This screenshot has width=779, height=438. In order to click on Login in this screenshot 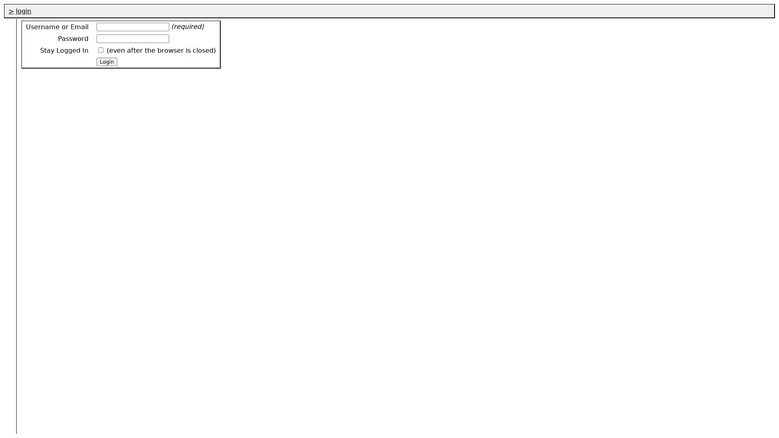, I will do `click(106, 61)`.